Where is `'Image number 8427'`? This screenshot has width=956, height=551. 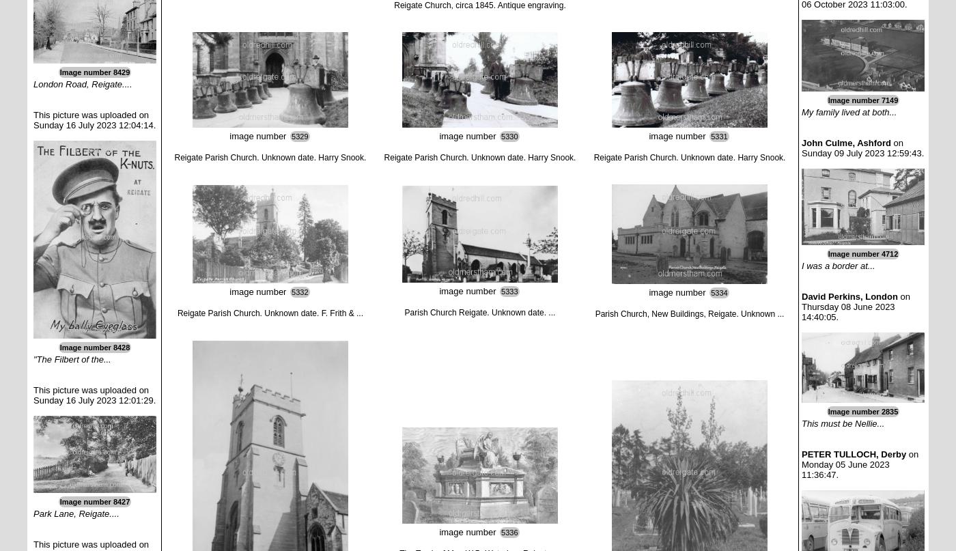 'Image number 8427' is located at coordinates (94, 500).